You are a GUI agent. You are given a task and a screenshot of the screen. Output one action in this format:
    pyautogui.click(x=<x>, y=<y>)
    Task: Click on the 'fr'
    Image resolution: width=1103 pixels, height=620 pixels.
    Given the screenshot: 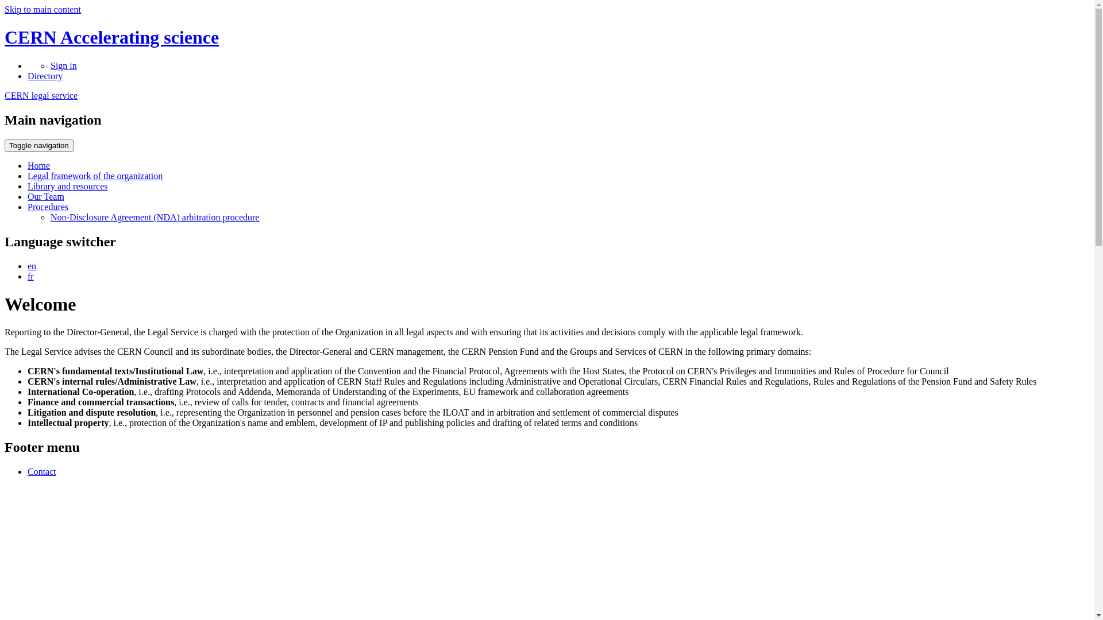 What is the action you would take?
    pyautogui.click(x=30, y=276)
    